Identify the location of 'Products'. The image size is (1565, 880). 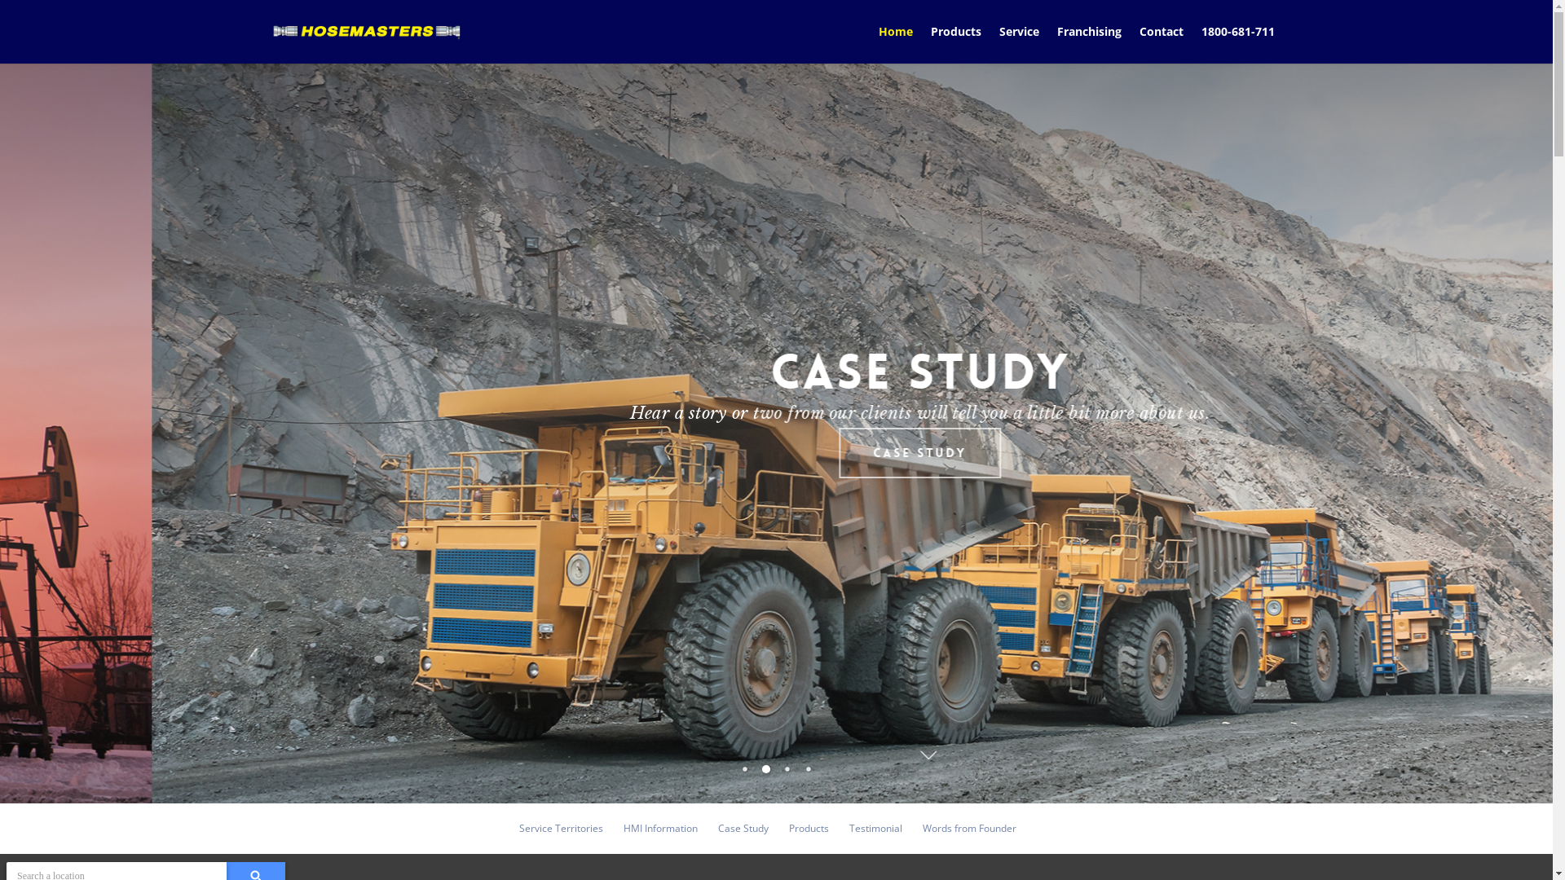
(809, 829).